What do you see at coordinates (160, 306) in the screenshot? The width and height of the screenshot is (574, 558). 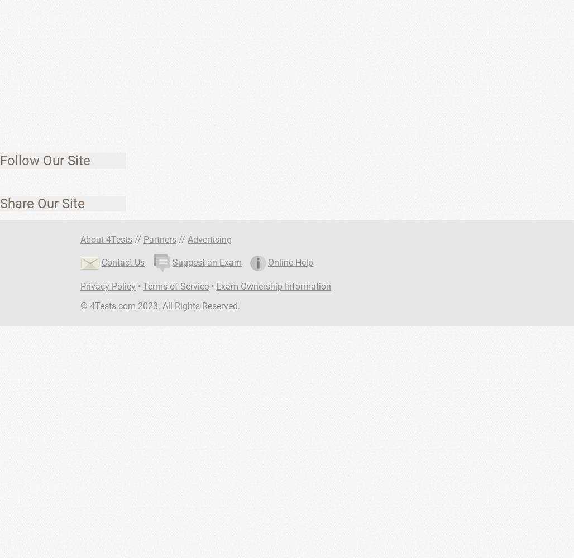 I see `'© 4Tests.com 2023. All Rights Reserved.'` at bounding box center [160, 306].